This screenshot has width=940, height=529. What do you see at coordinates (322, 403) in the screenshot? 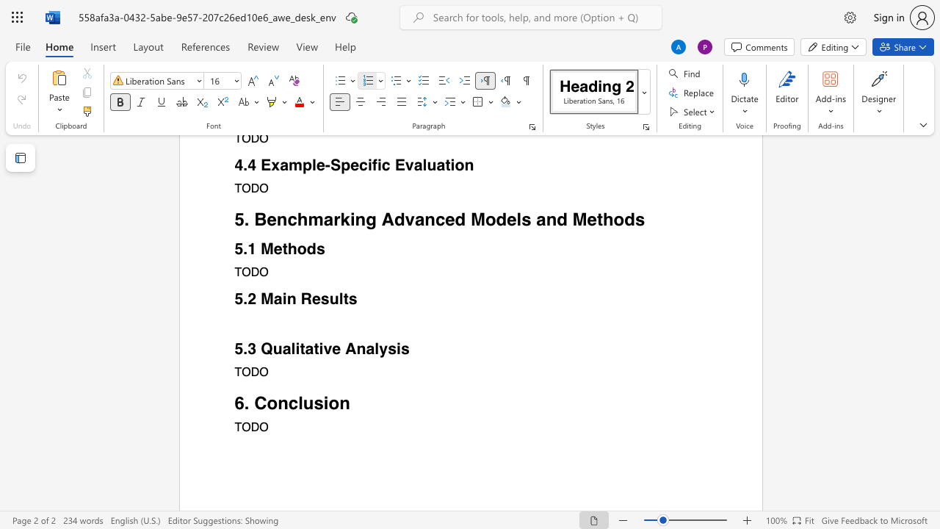
I see `the space between the continuous character "s" and "i" in the text` at bounding box center [322, 403].